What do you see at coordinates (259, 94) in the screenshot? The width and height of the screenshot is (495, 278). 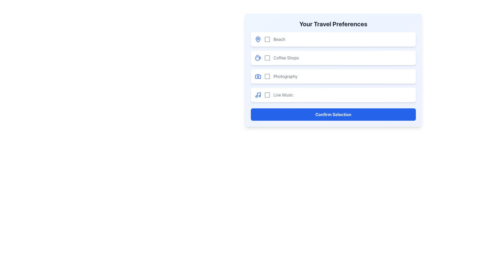 I see `the music note SVG icon located in the 'Your Travel Preferences' section, specifically in the last row labeled 'Live Music'` at bounding box center [259, 94].